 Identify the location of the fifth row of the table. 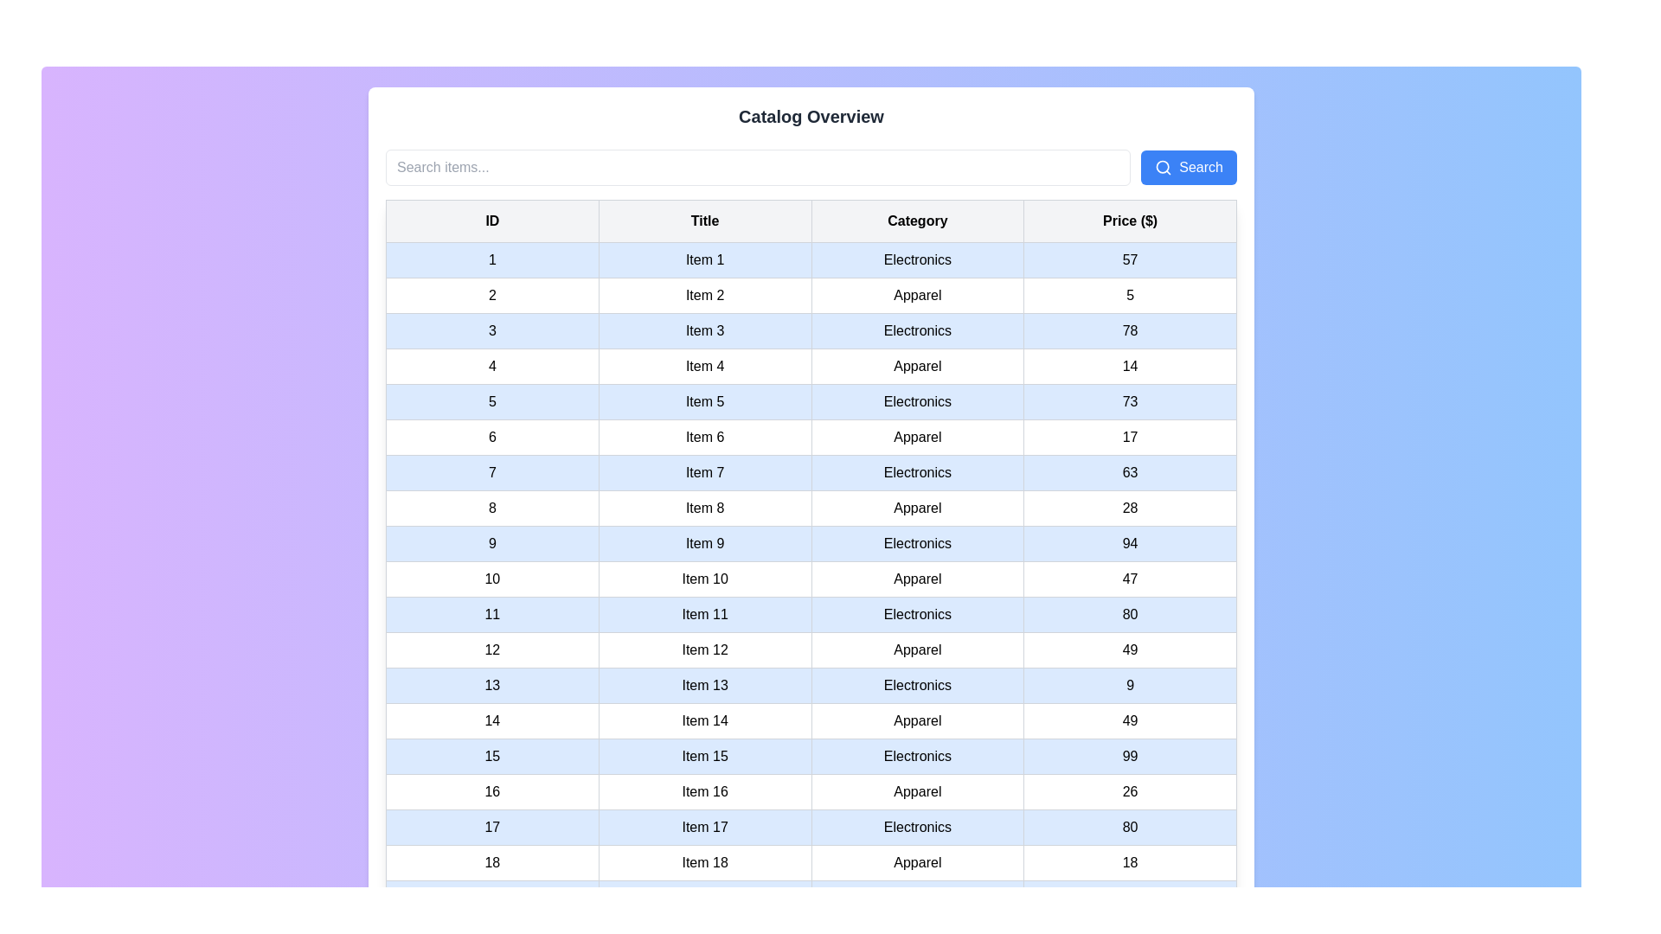
(810, 402).